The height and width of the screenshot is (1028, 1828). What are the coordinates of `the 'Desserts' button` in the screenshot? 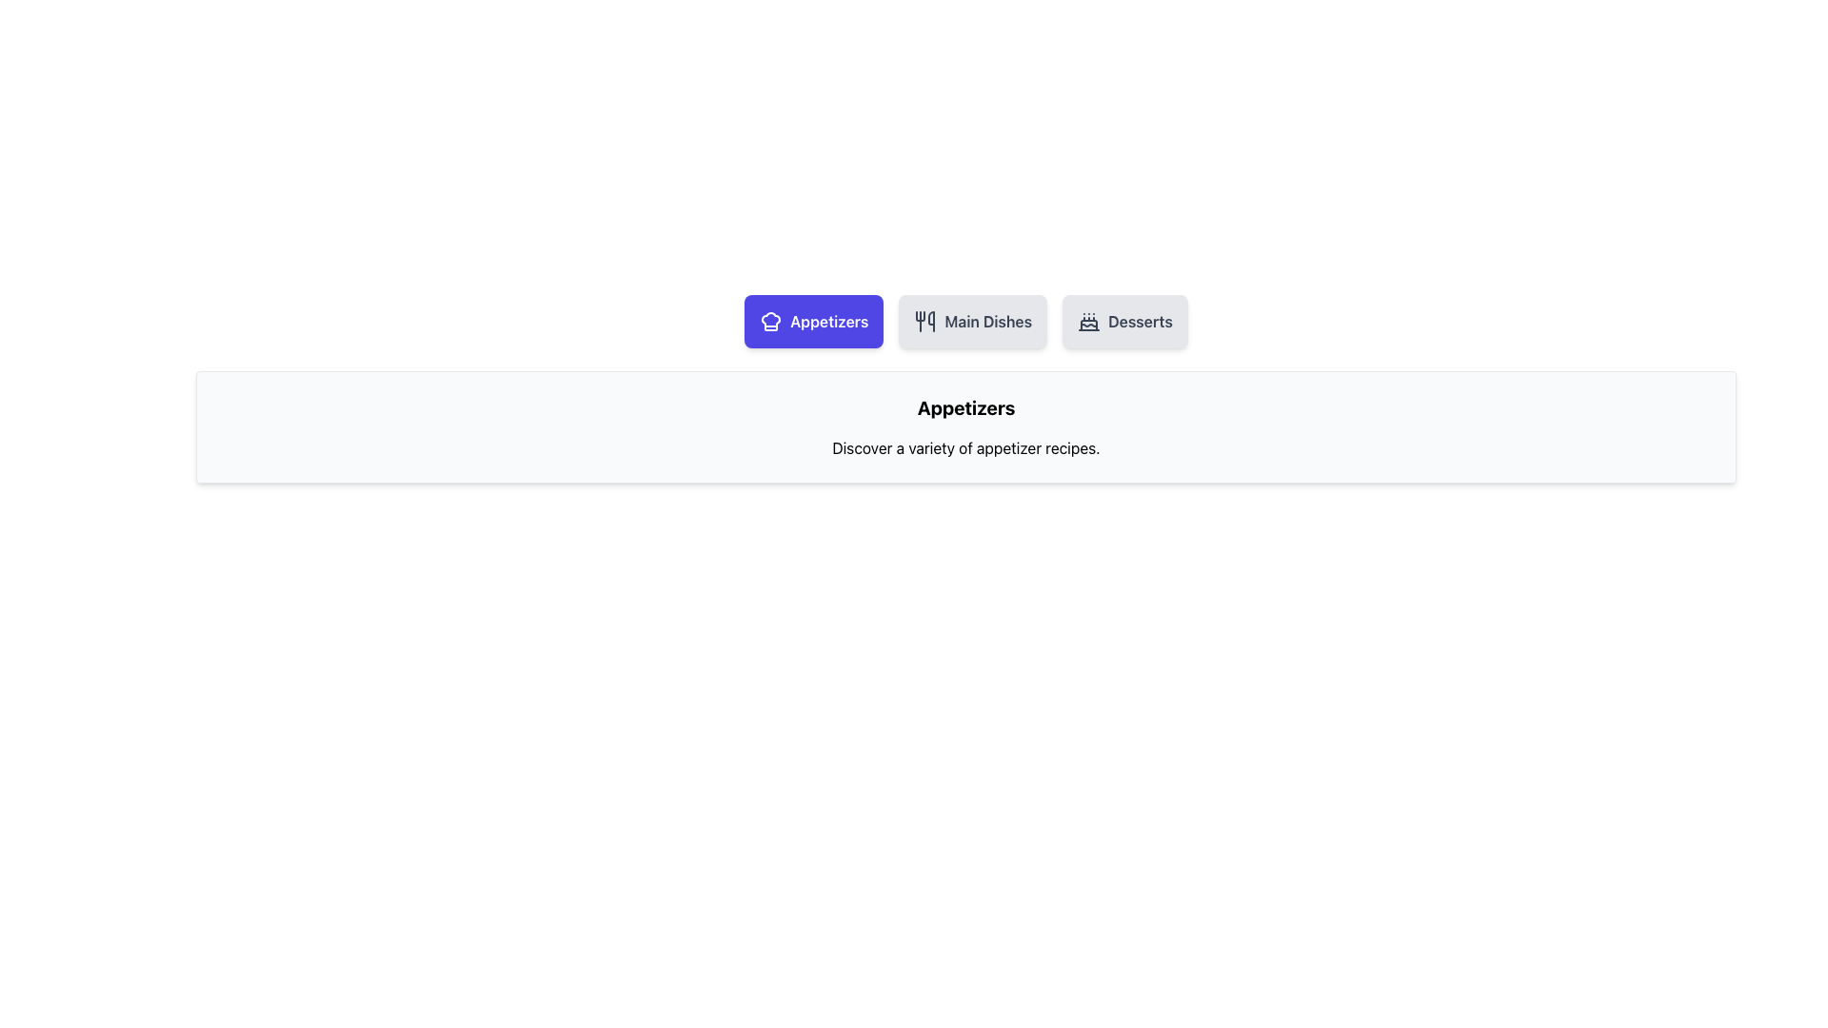 It's located at (1124, 321).